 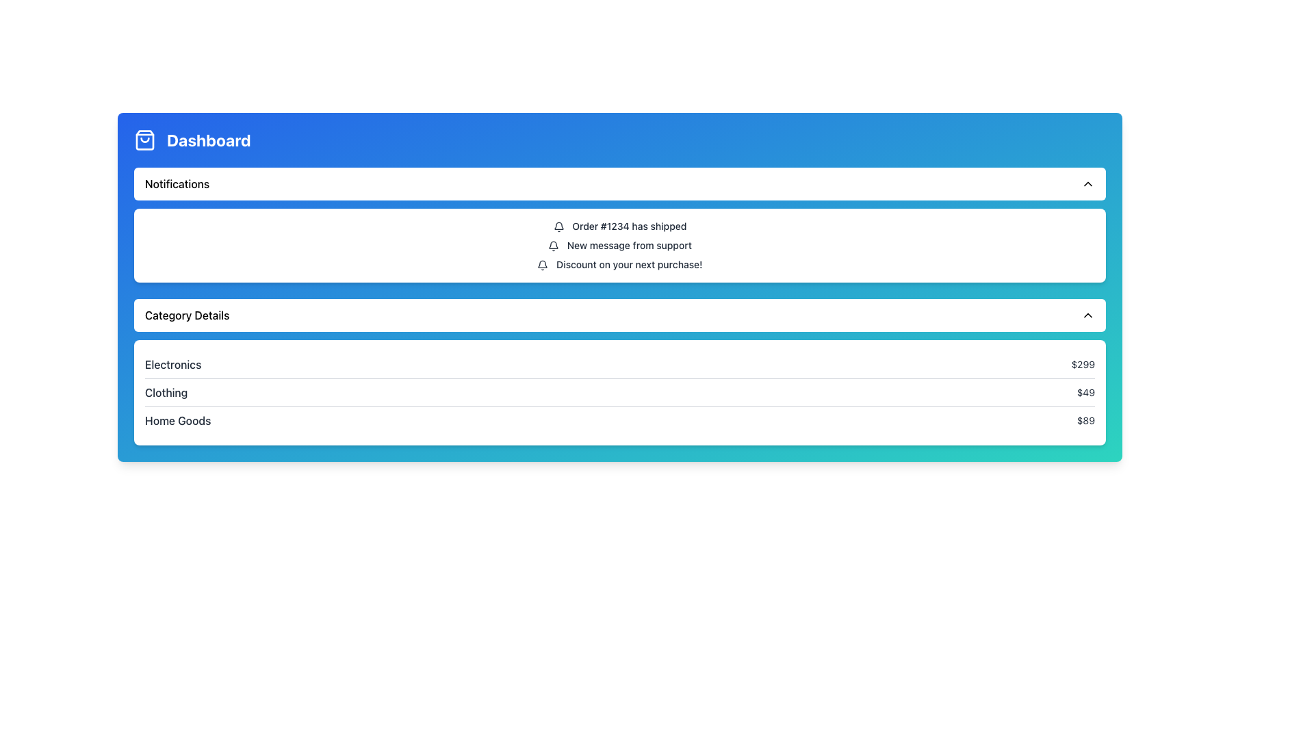 I want to click on text from the second notification entry in the notification card, which conveys a message from the support team, so click(x=619, y=244).